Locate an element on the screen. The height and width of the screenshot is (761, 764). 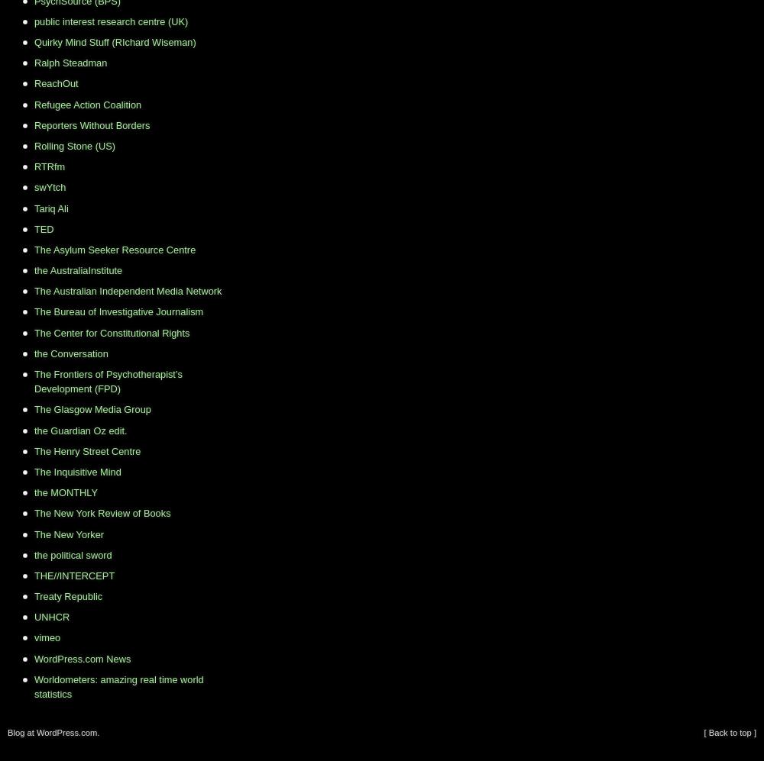
'Rolling Stone (US)' is located at coordinates (73, 145).